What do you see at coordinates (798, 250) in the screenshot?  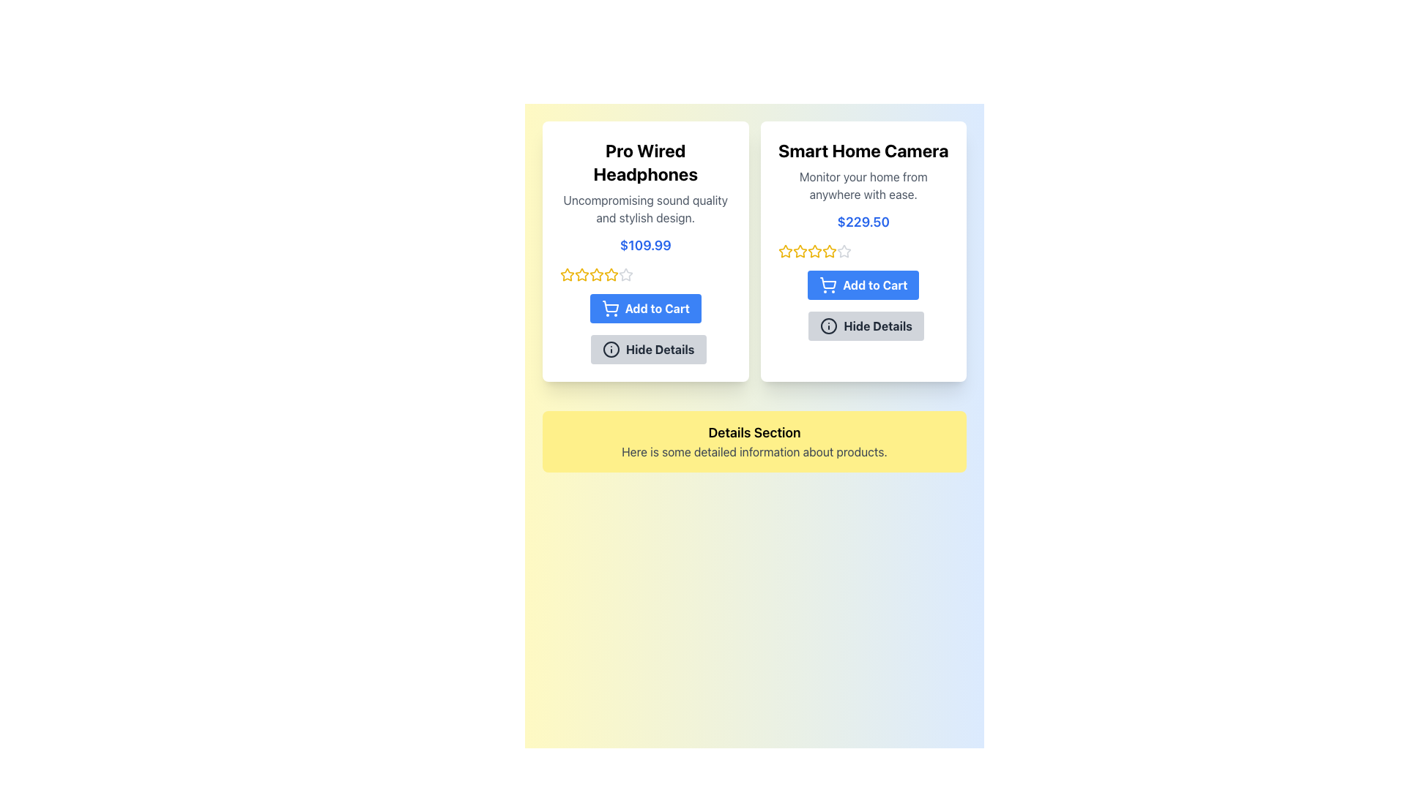 I see `the second star in the five-star rating system below the '$229.50' price for the 'Smart Home Camera' product` at bounding box center [798, 250].